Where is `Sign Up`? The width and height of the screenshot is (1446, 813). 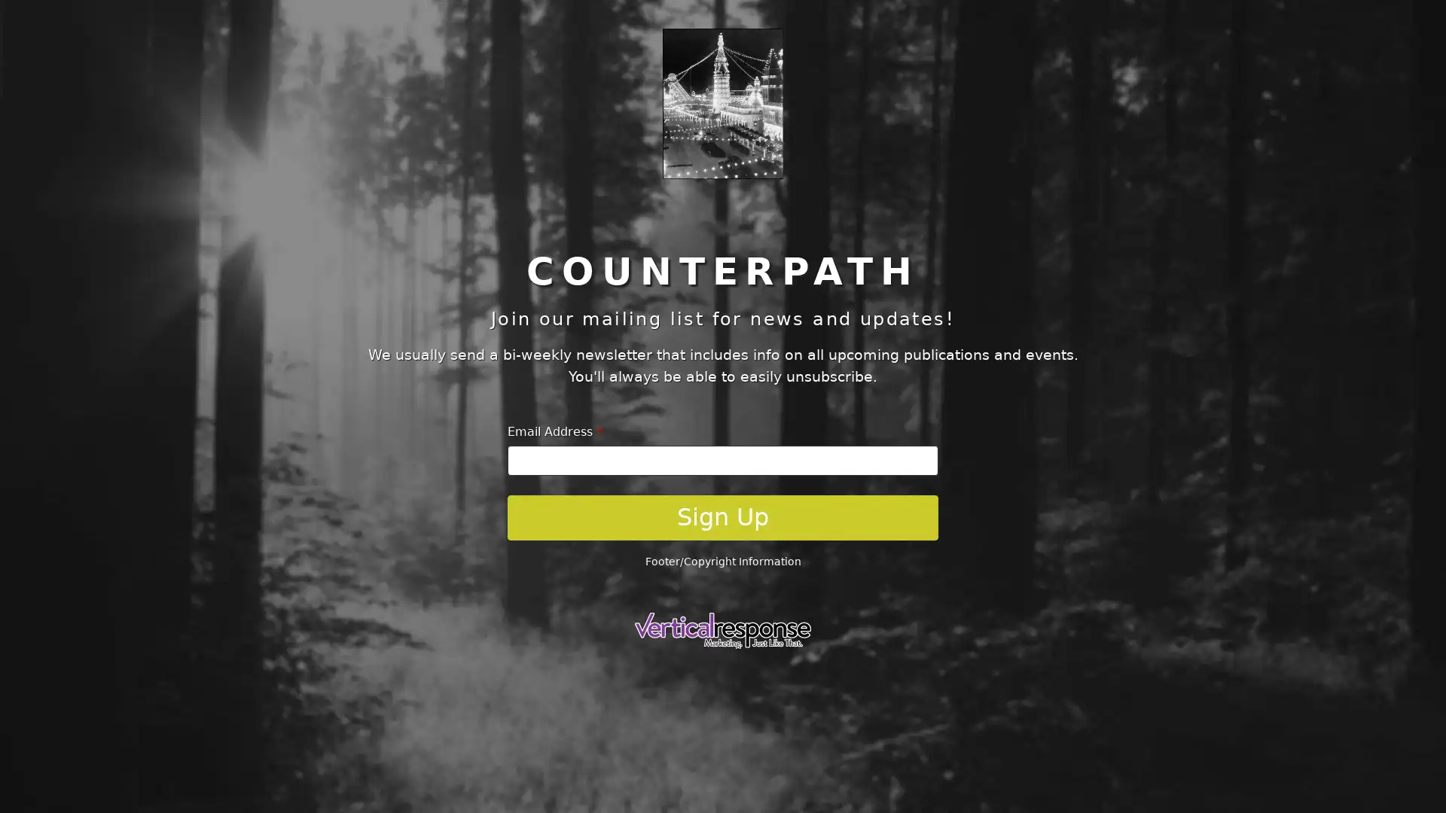
Sign Up is located at coordinates (721, 516).